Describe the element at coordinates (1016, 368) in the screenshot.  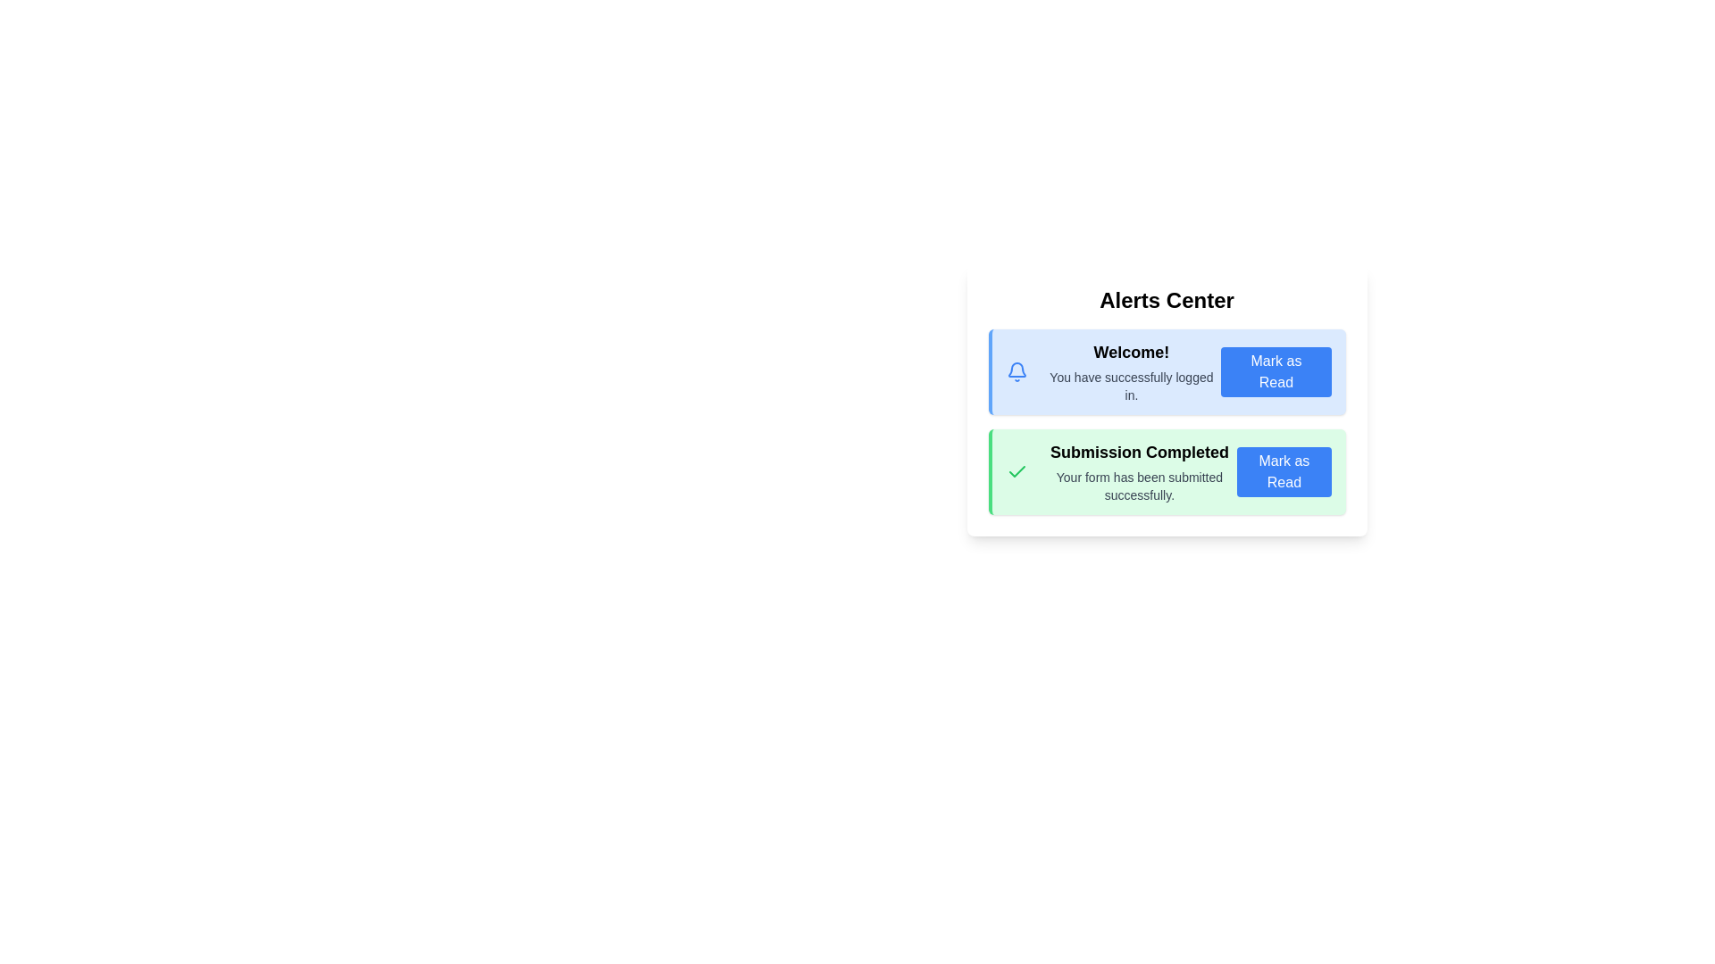
I see `the bell icon's SVG element, which is part of the notification feature located in the upper left-central section of the interface` at that location.